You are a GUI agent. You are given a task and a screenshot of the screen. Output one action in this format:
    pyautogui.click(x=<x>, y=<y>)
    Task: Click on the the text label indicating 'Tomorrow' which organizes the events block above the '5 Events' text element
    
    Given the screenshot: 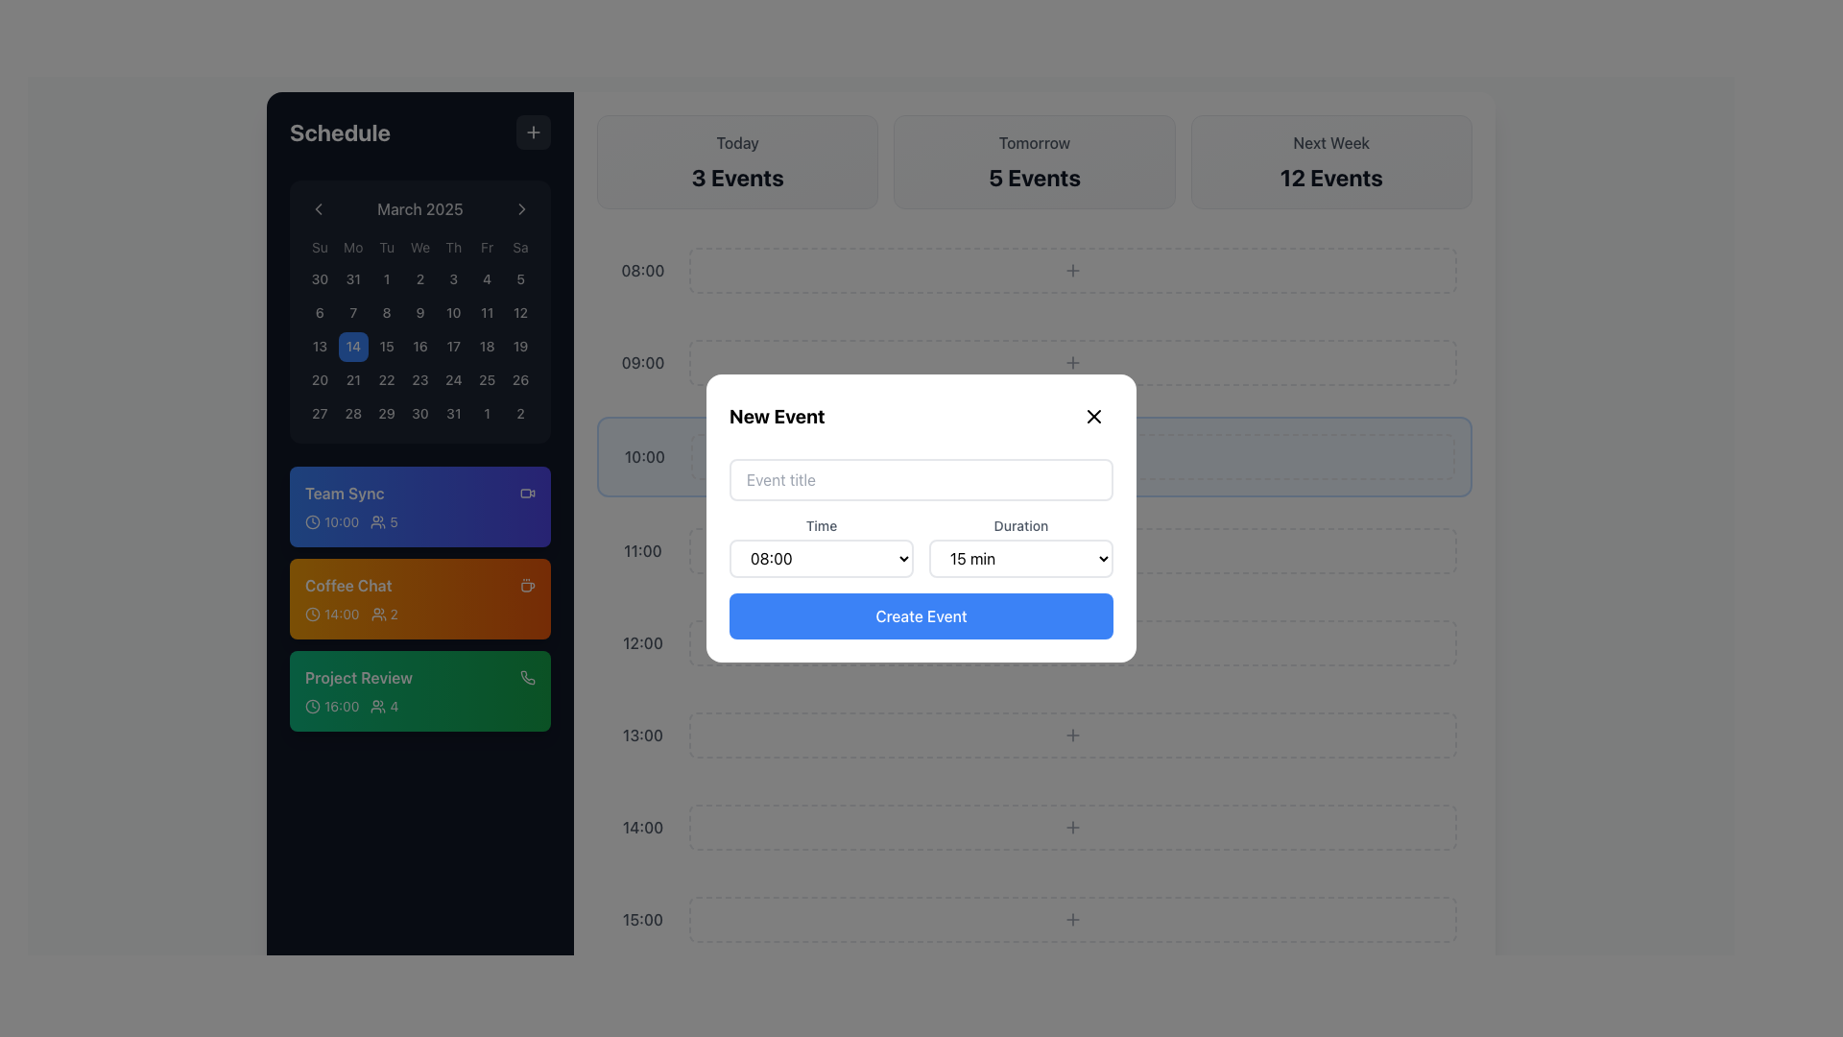 What is the action you would take?
    pyautogui.click(x=1034, y=142)
    